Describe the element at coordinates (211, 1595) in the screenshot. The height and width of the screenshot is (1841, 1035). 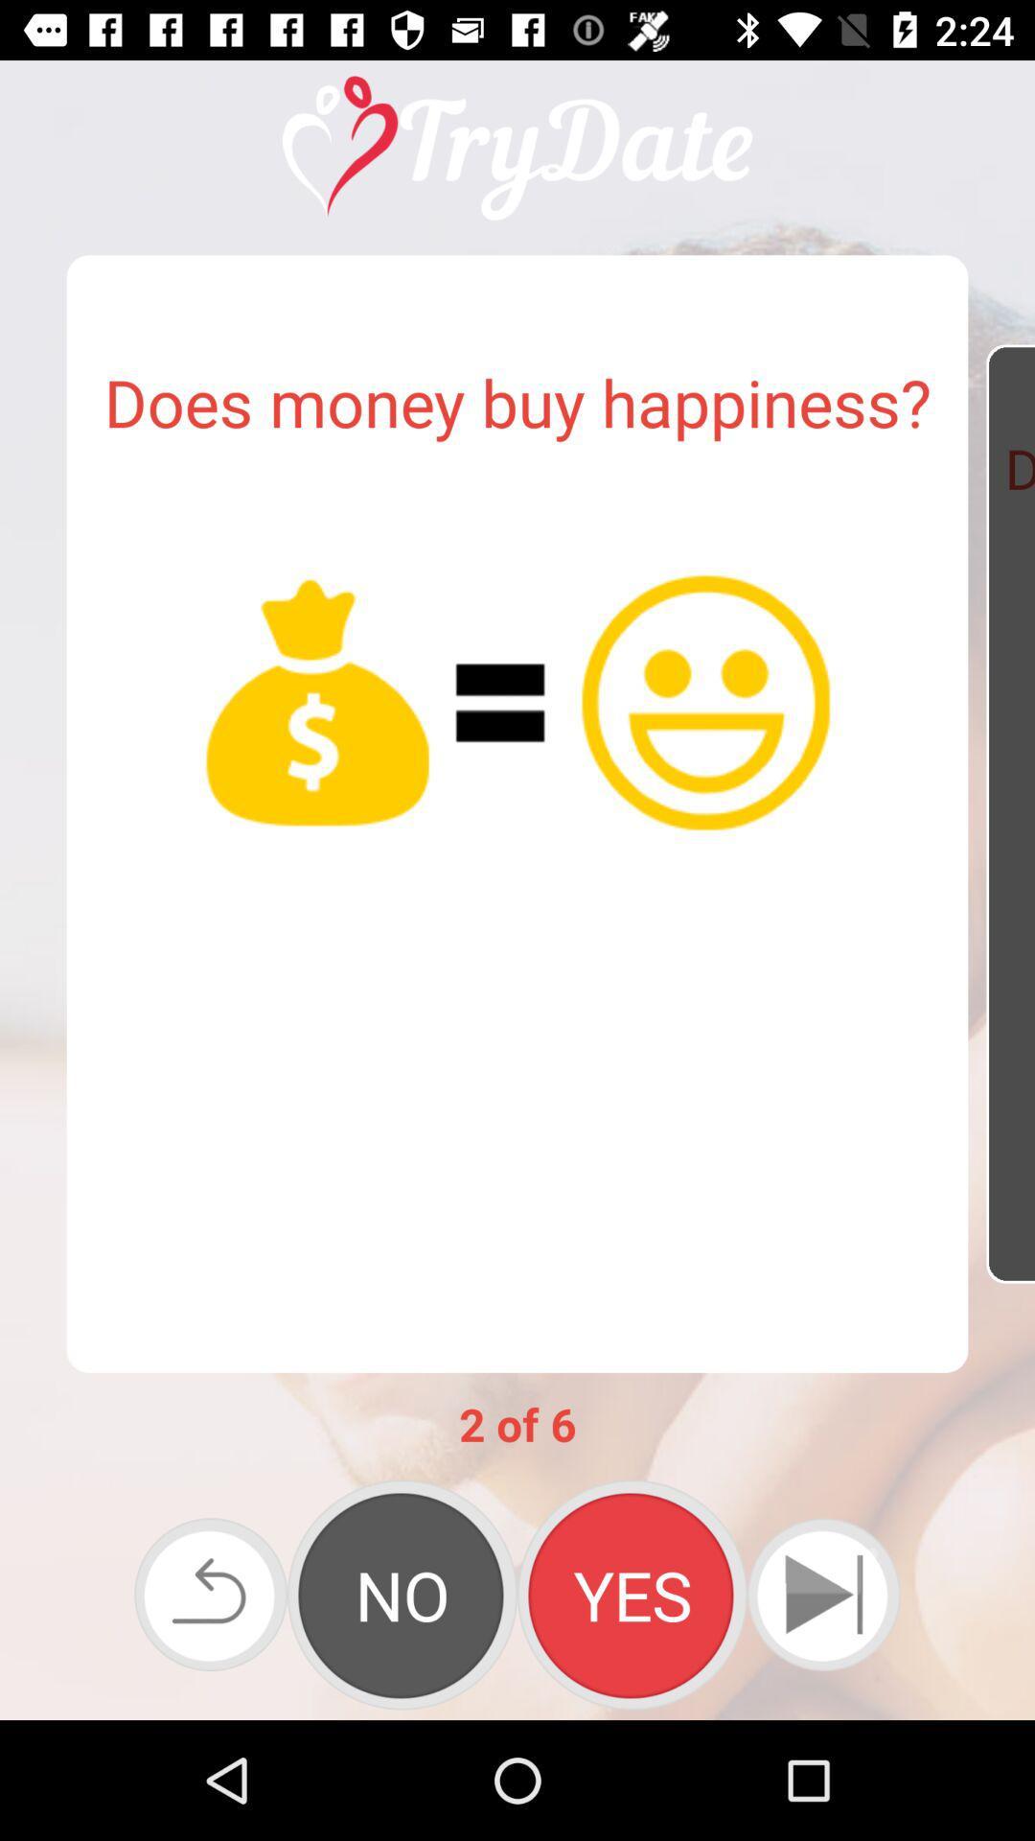
I see `previous page` at that location.